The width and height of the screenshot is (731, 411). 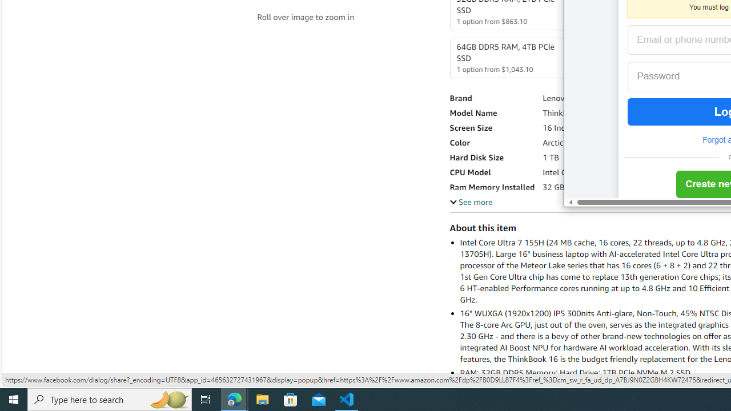 What do you see at coordinates (168, 398) in the screenshot?
I see `'Search highlights icon opens search home window'` at bounding box center [168, 398].